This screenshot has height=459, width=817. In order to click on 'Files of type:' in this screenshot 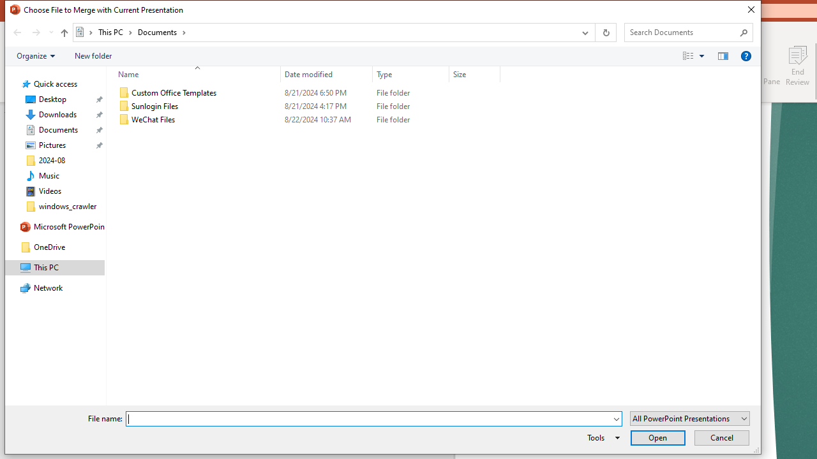, I will do `click(689, 418)`.